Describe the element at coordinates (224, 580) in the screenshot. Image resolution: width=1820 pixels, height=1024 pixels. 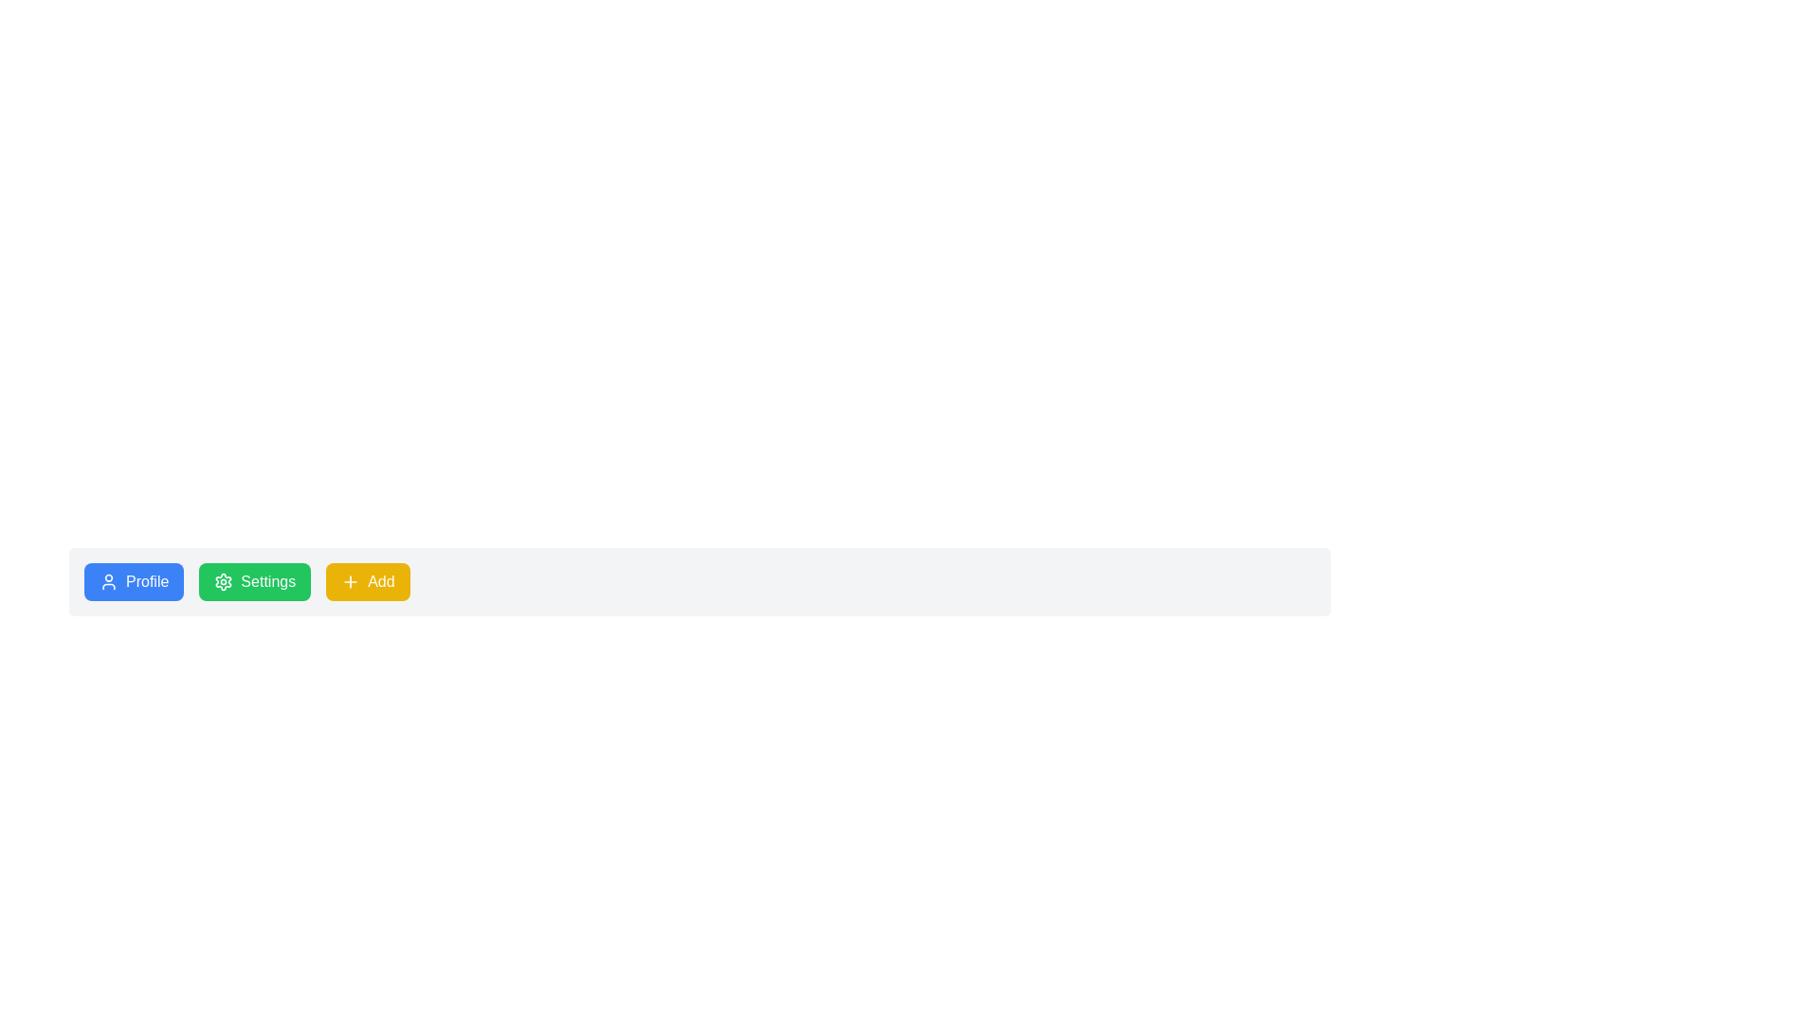
I see `the settings icon with a green background, located between the profile button (blue) and the add button (yellow)` at that location.